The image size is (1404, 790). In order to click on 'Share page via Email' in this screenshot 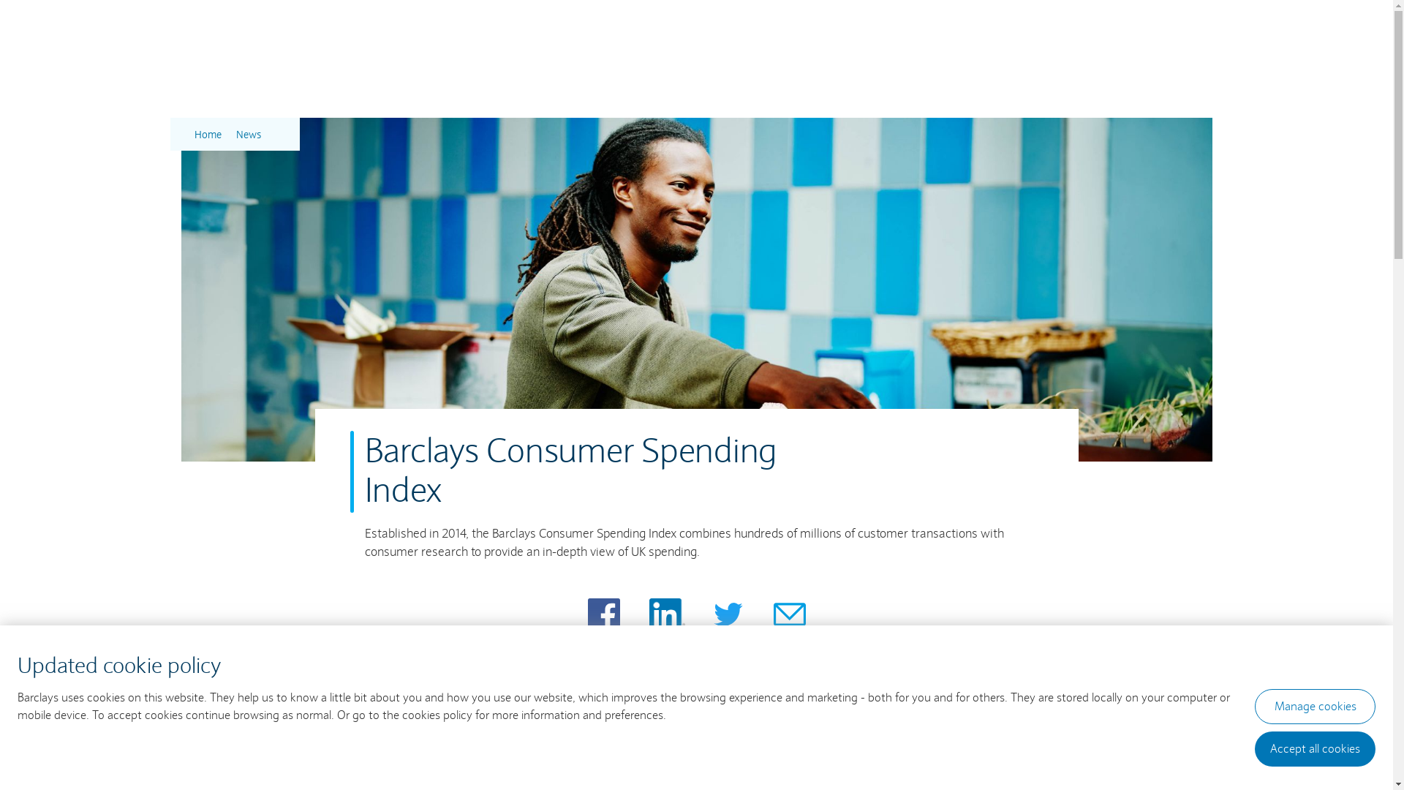, I will do `click(789, 614)`.